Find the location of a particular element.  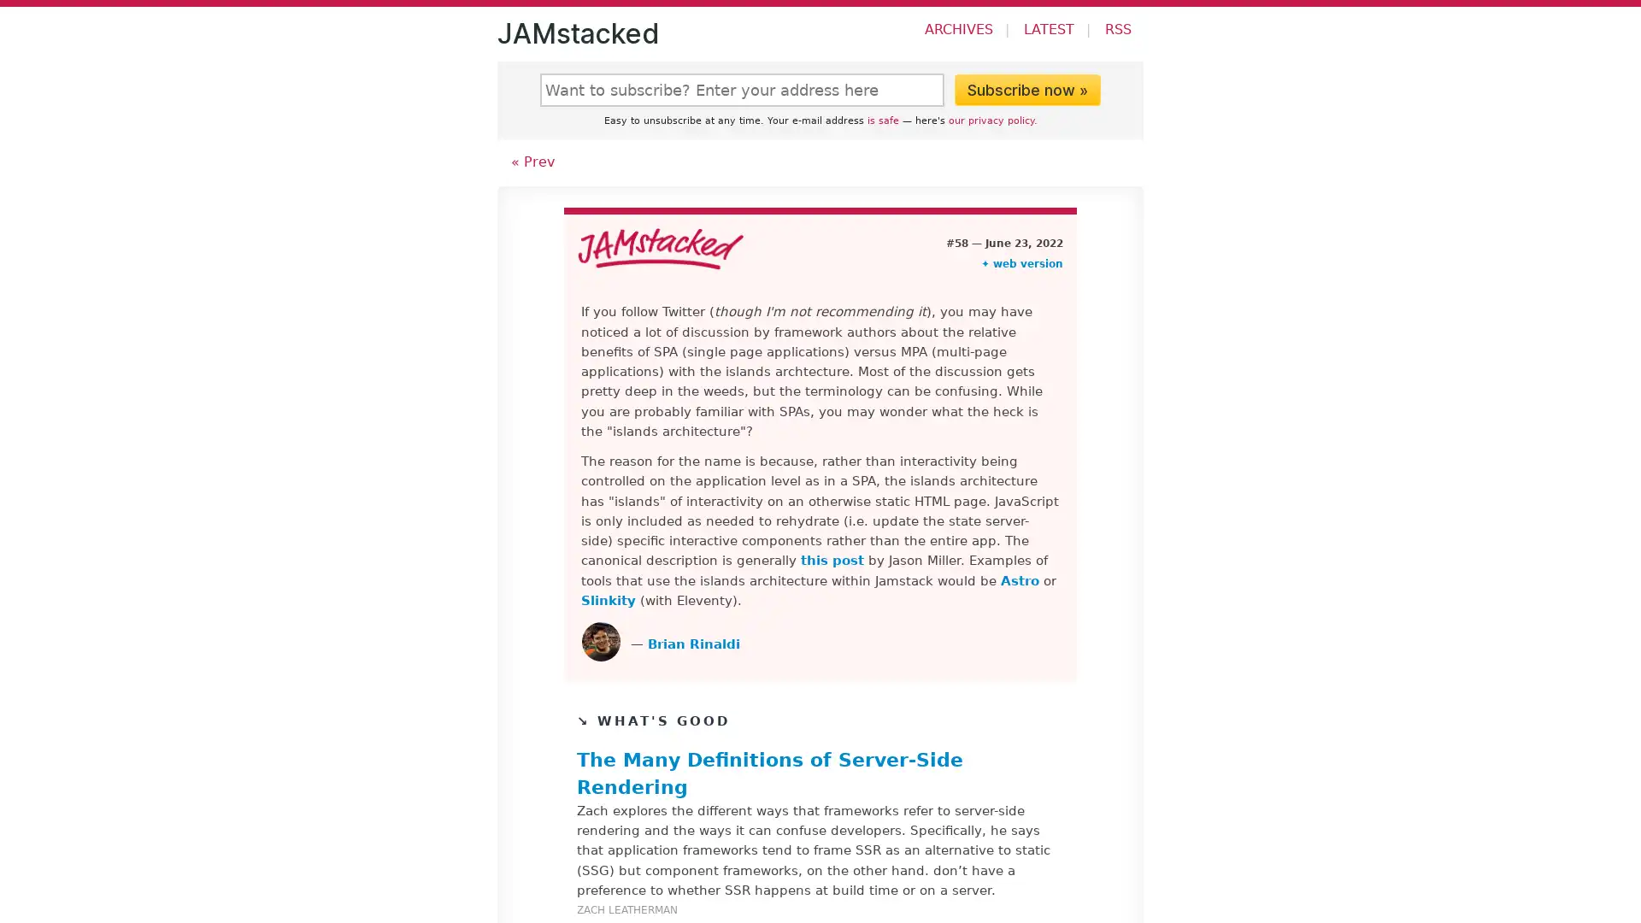

Subscribe now is located at coordinates (1026, 90).